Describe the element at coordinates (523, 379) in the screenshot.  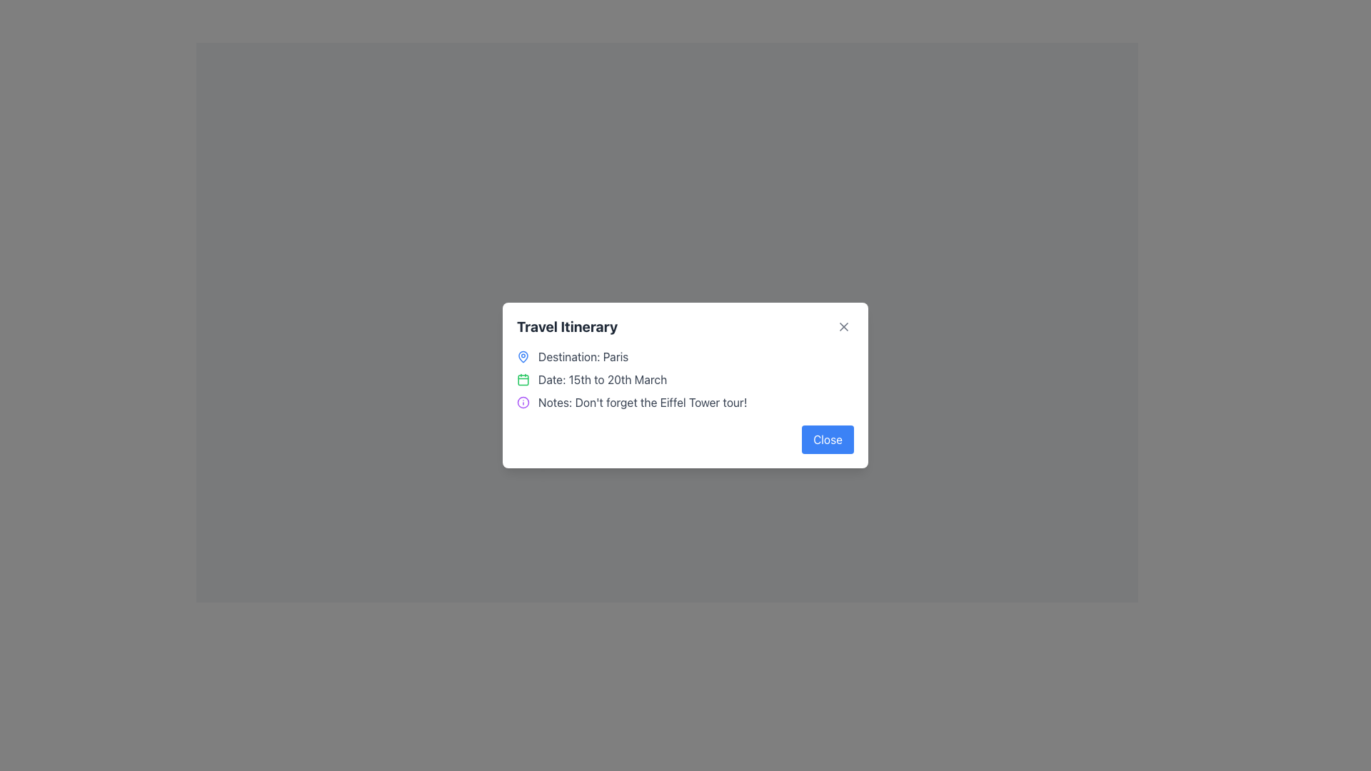
I see `the visual date indicator icon that is positioned to the left of the 'Date: 15th to 20th March' text` at that location.